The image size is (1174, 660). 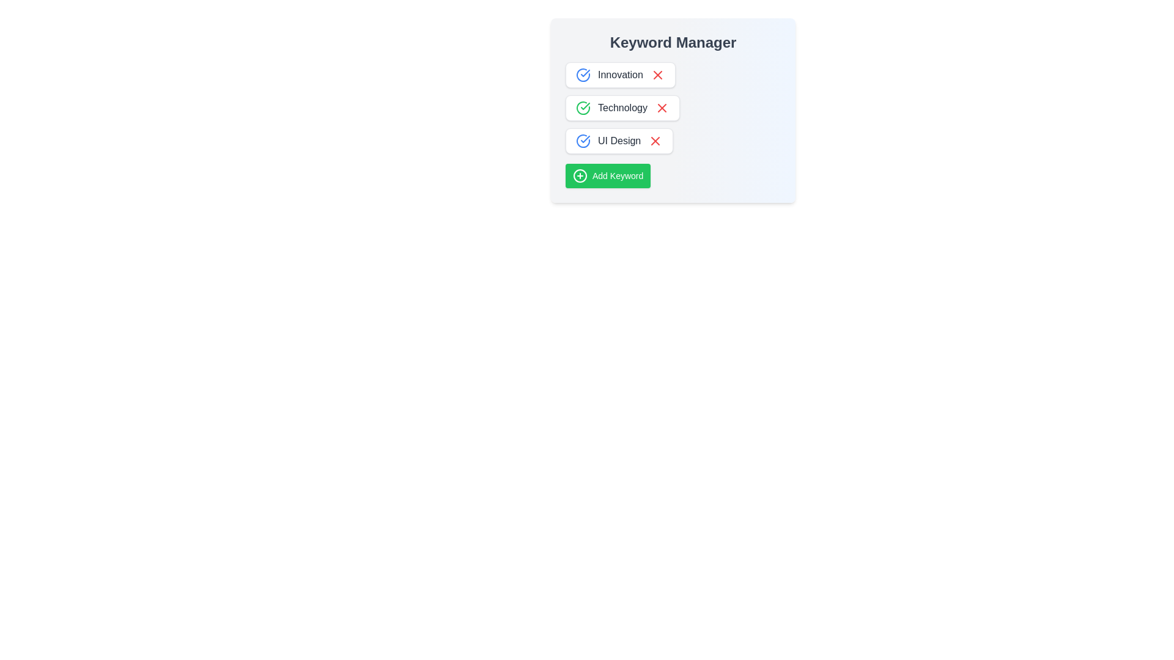 I want to click on the 'Add Keyword' button to add a new keyword to the list, so click(x=607, y=176).